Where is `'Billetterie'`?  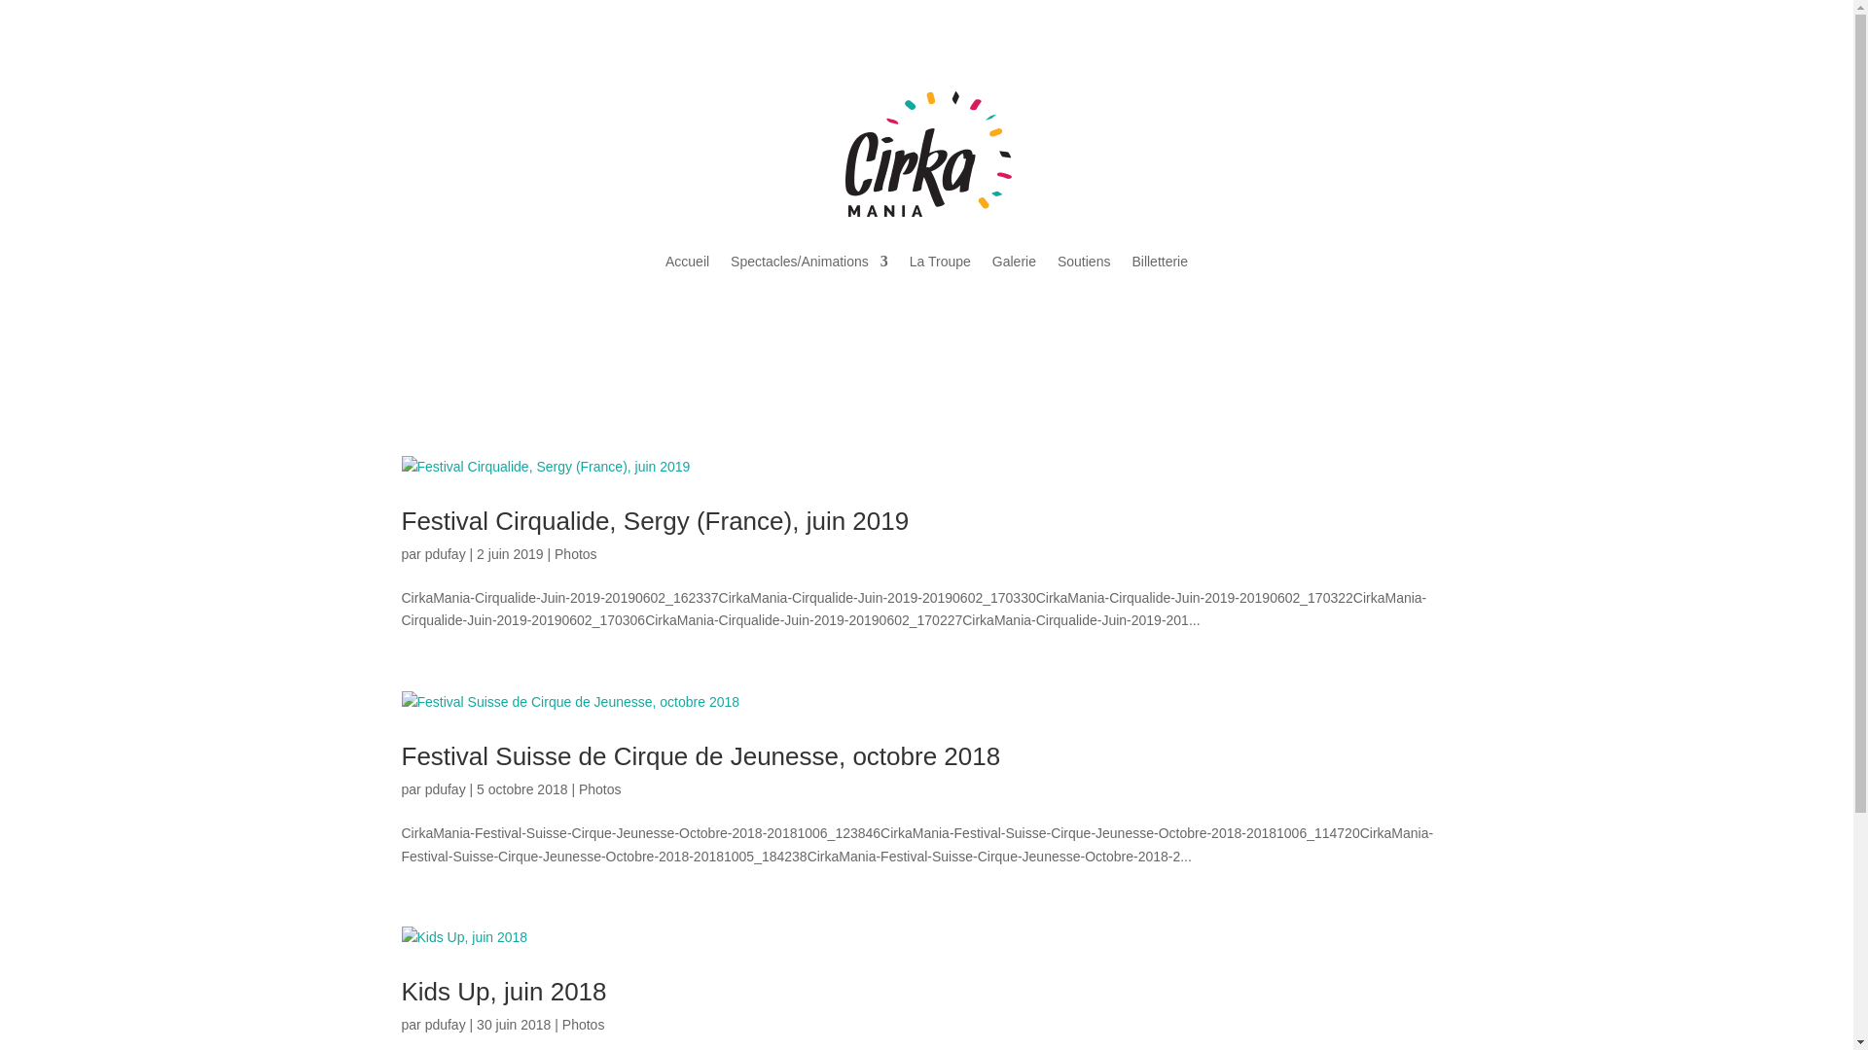
'Billetterie' is located at coordinates (1159, 261).